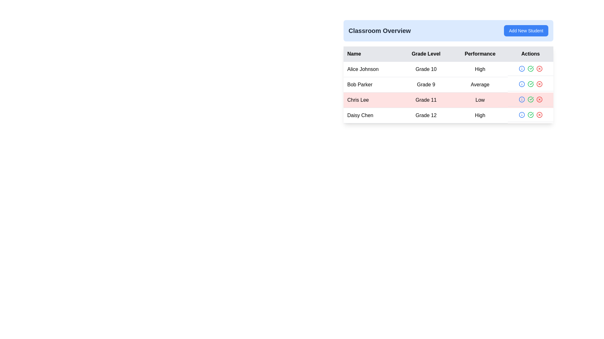 This screenshot has width=604, height=339. I want to click on the graphic icon in the 'Actions' column to confirm or approve the action related to the row labeled 'Chris Lee', so click(530, 99).